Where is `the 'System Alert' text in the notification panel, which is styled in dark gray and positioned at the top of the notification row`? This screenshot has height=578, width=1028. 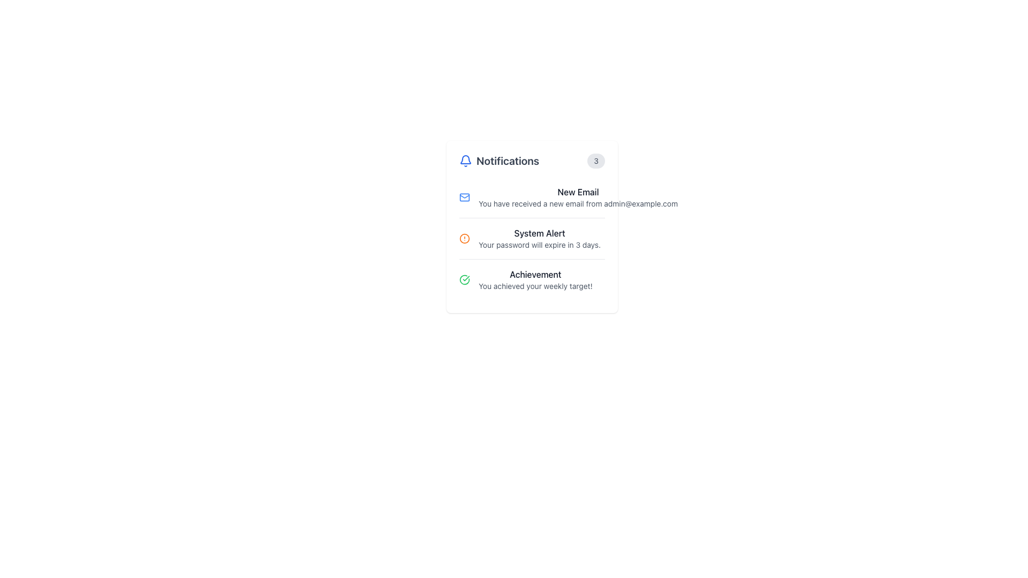
the 'System Alert' text in the notification panel, which is styled in dark gray and positioned at the top of the notification row is located at coordinates (540, 232).